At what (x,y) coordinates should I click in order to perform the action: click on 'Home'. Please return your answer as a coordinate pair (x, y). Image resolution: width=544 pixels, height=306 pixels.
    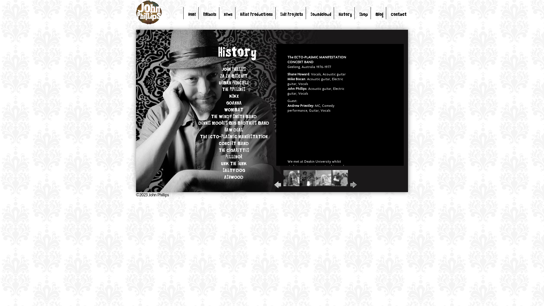
    Looking at the image, I should click on (192, 14).